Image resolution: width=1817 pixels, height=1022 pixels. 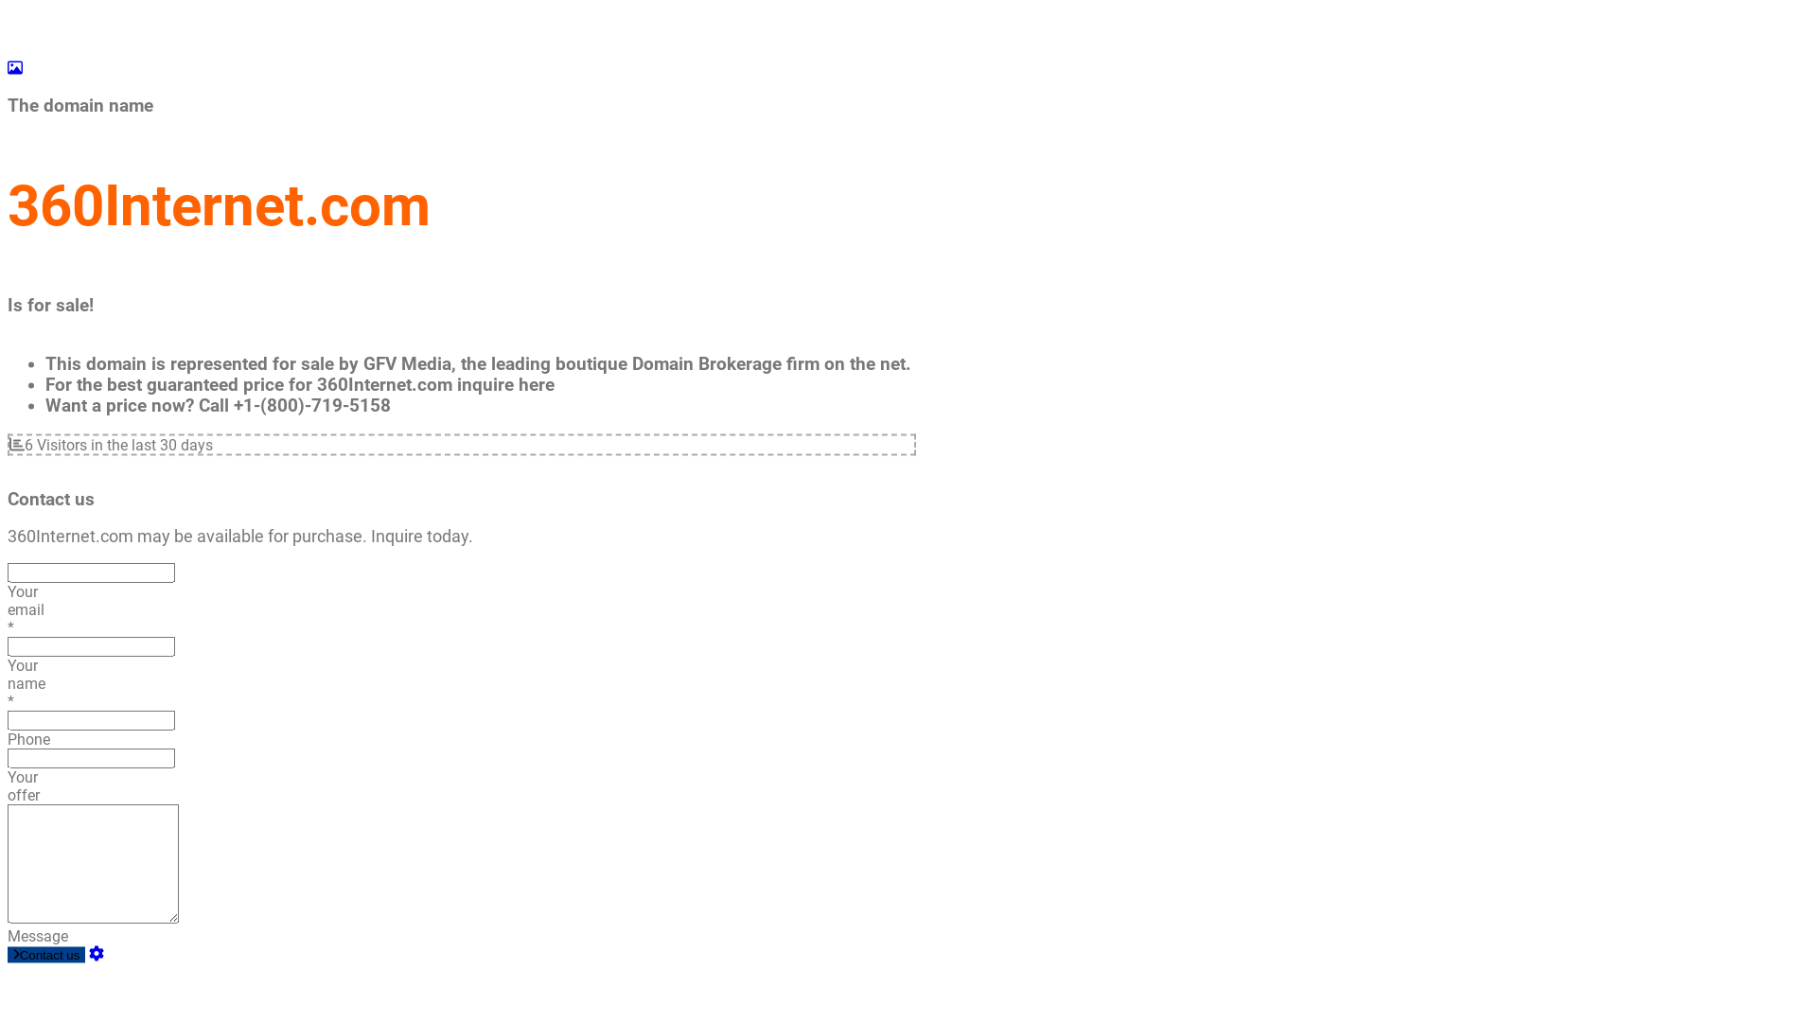 What do you see at coordinates (45, 954) in the screenshot?
I see `'Contact us'` at bounding box center [45, 954].